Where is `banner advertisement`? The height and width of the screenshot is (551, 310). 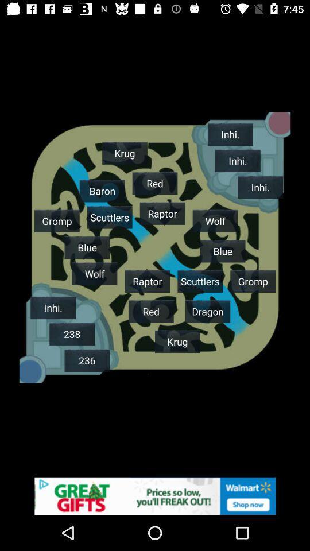
banner advertisement is located at coordinates (155, 495).